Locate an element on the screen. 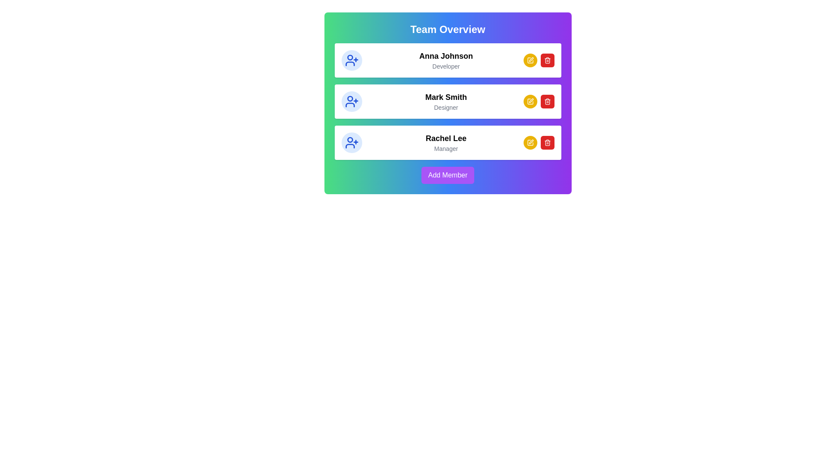  the delete button for the user entry associated with 'Rachel Lee', which is the third button is located at coordinates (547, 60).